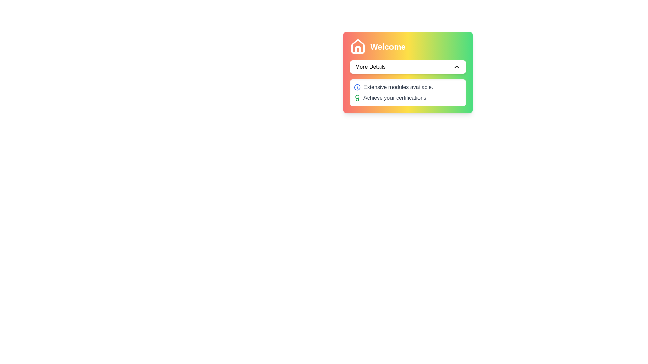 The width and height of the screenshot is (648, 364). I want to click on the informational text block containing the messages 'Extensive modules available.' and 'Achieve your certifications.' with blue and green icons, located below the text input field in the card labeled 'Welcome', so click(408, 92).